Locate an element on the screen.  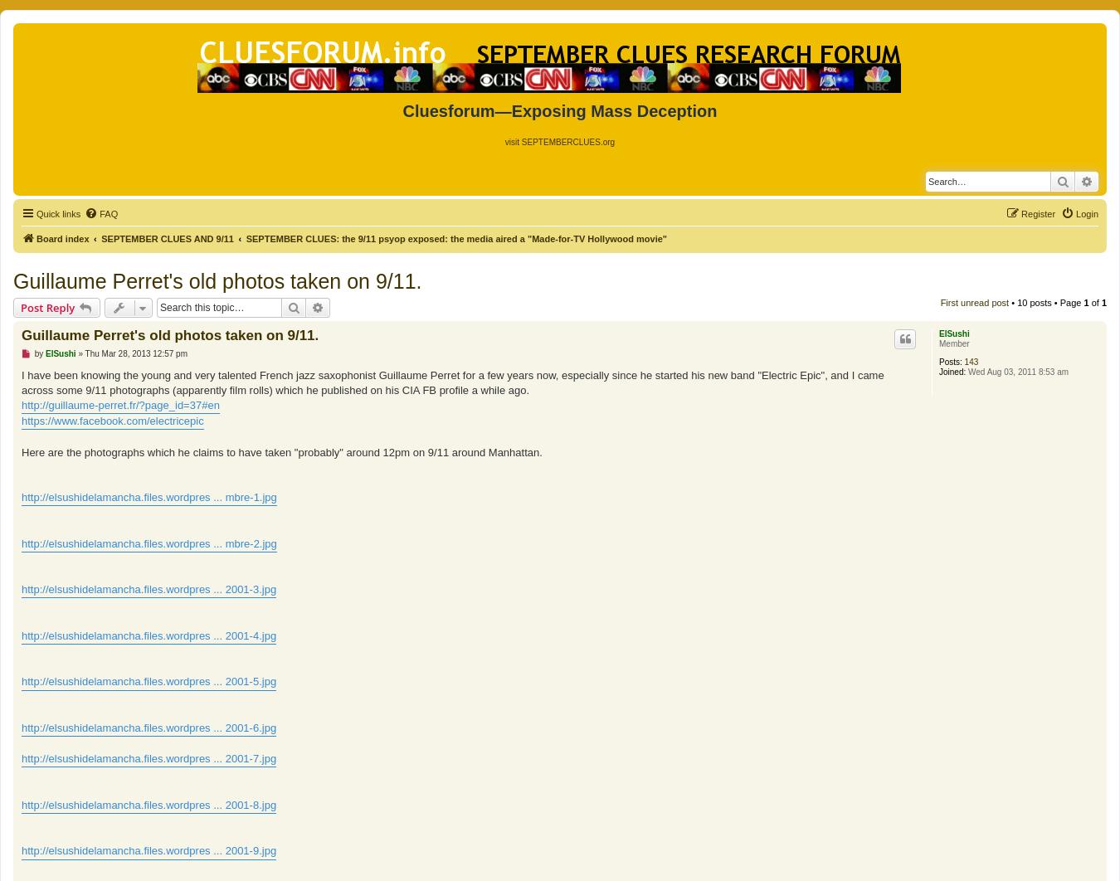
'Board index' is located at coordinates (61, 236).